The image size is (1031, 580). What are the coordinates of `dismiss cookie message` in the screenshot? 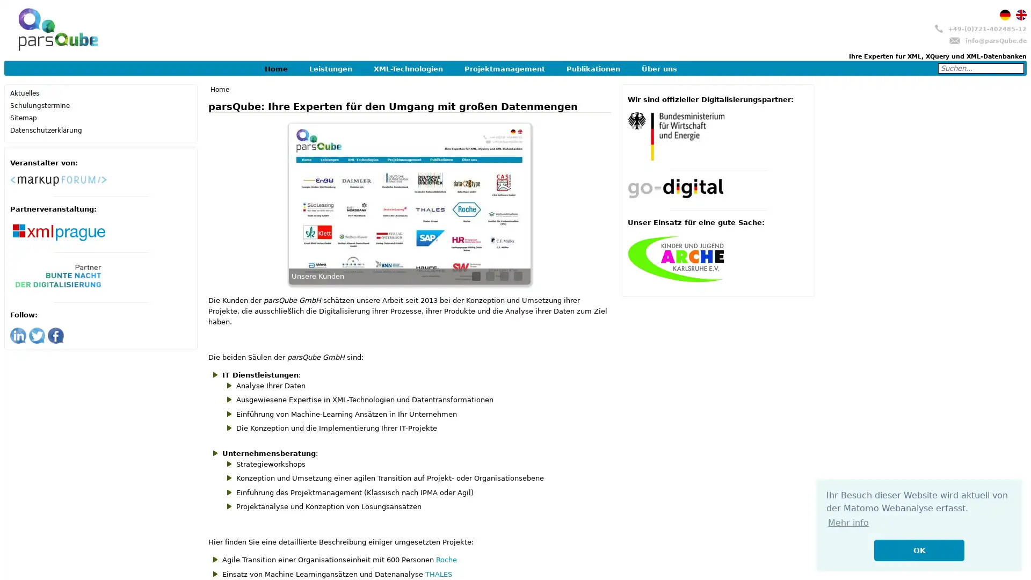 It's located at (918, 550).